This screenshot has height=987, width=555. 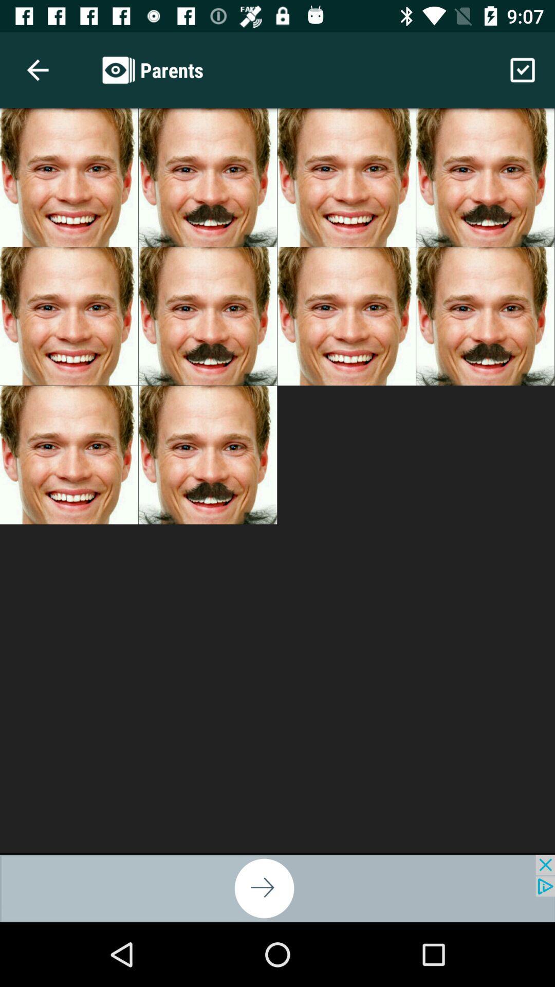 What do you see at coordinates (485, 316) in the screenshot?
I see `fourth image from second row` at bounding box center [485, 316].